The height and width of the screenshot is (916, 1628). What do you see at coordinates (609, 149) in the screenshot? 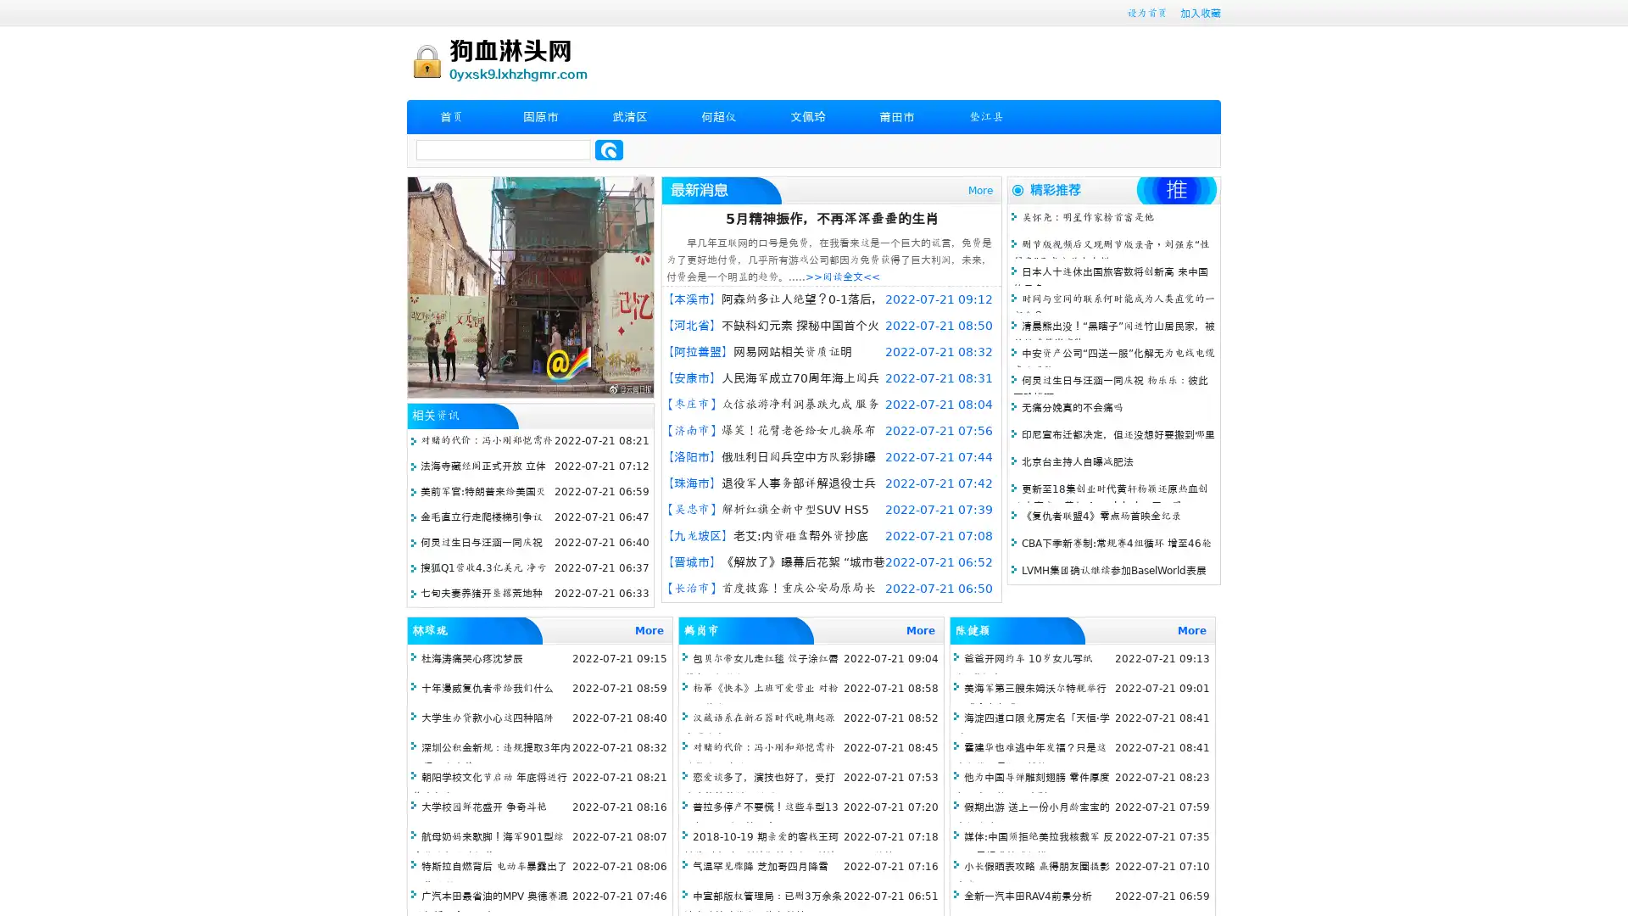
I see `Search` at bounding box center [609, 149].